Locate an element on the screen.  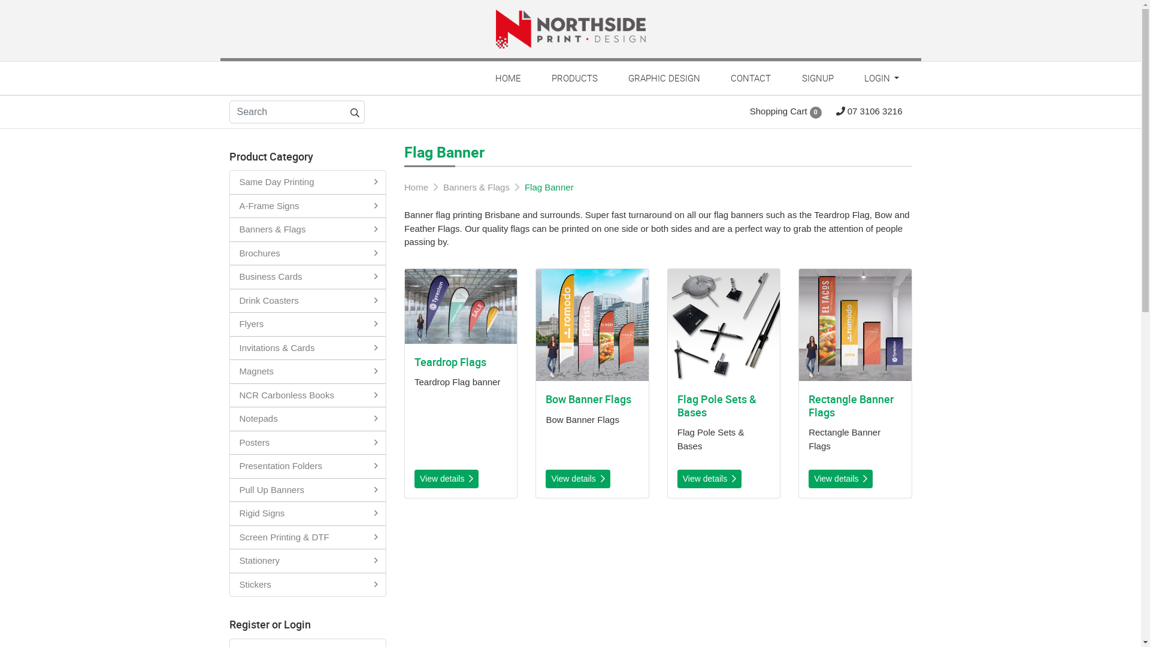
'Presentation Folders' is located at coordinates (308, 465).